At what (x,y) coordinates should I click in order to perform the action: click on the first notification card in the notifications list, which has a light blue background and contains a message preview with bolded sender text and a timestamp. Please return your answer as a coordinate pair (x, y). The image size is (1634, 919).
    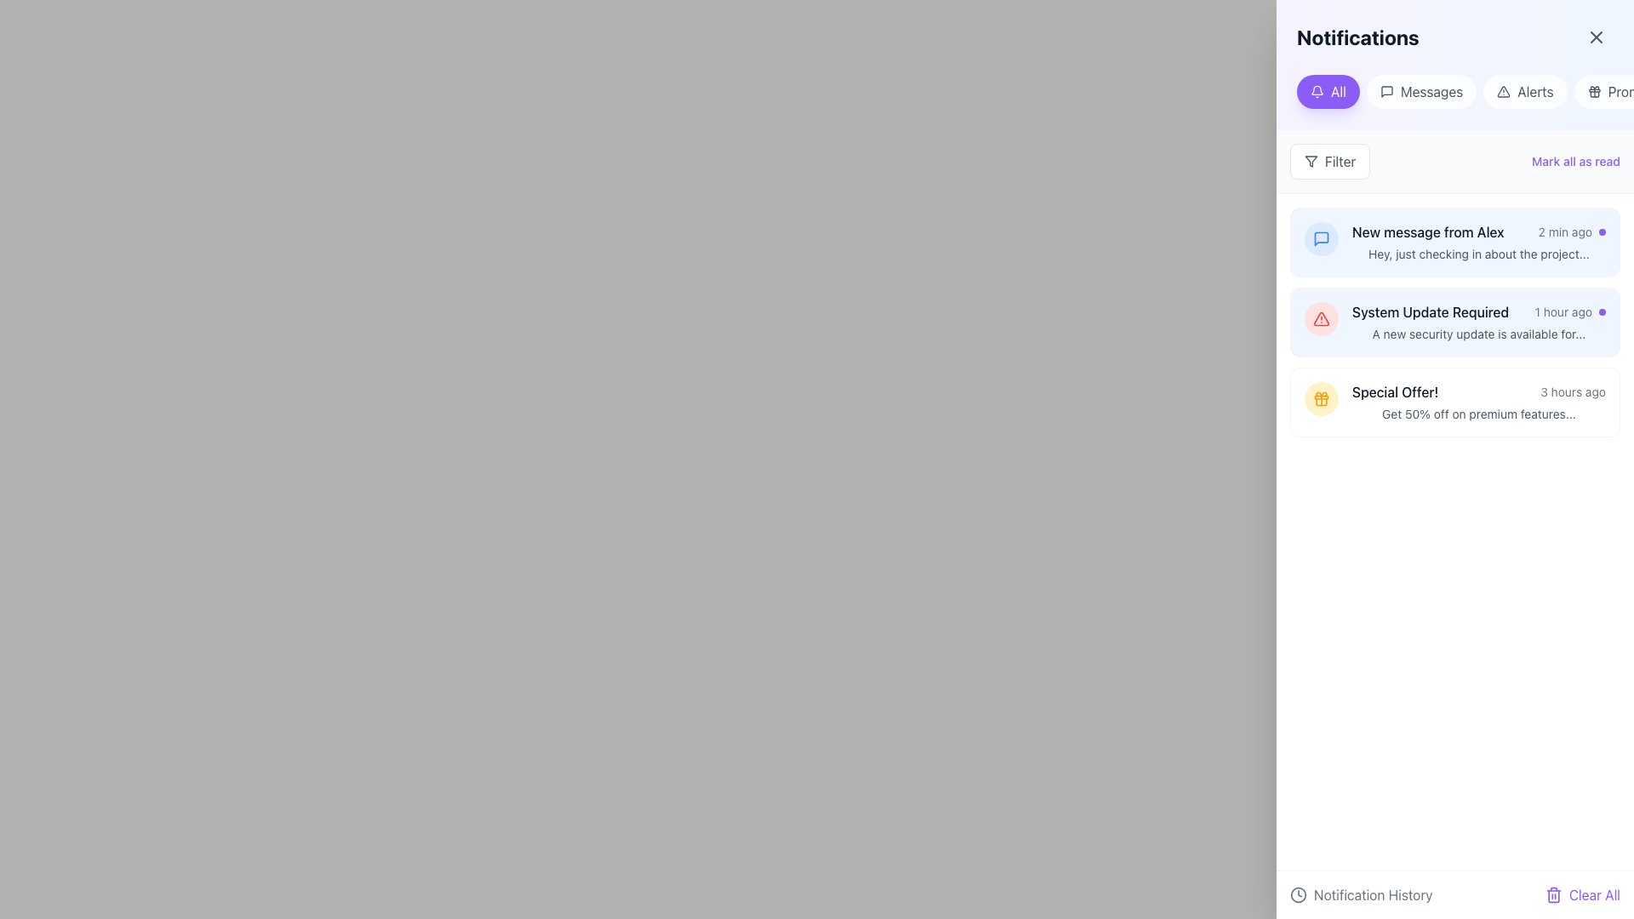
    Looking at the image, I should click on (1454, 243).